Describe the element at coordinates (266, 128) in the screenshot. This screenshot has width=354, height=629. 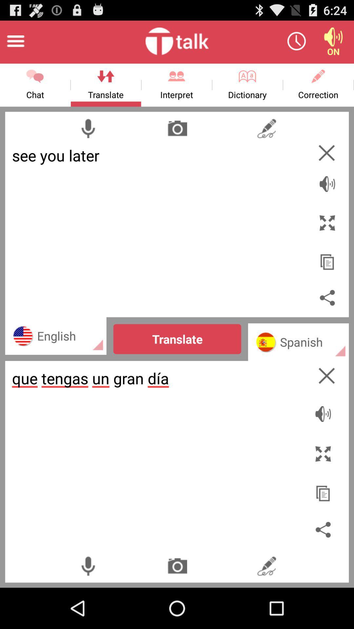
I see `handwriting tool that enables a box where you can write by hand each character instead of typing it` at that location.